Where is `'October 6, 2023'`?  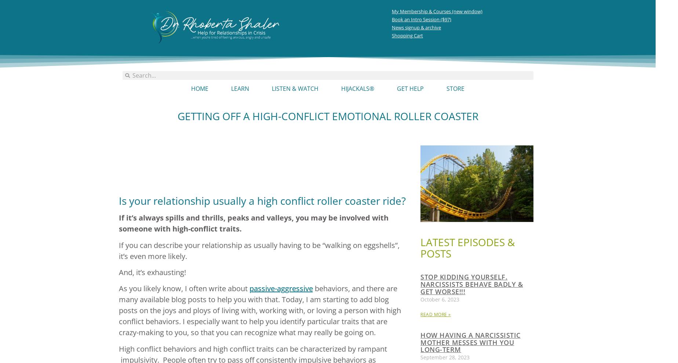
'October 6, 2023' is located at coordinates (440, 299).